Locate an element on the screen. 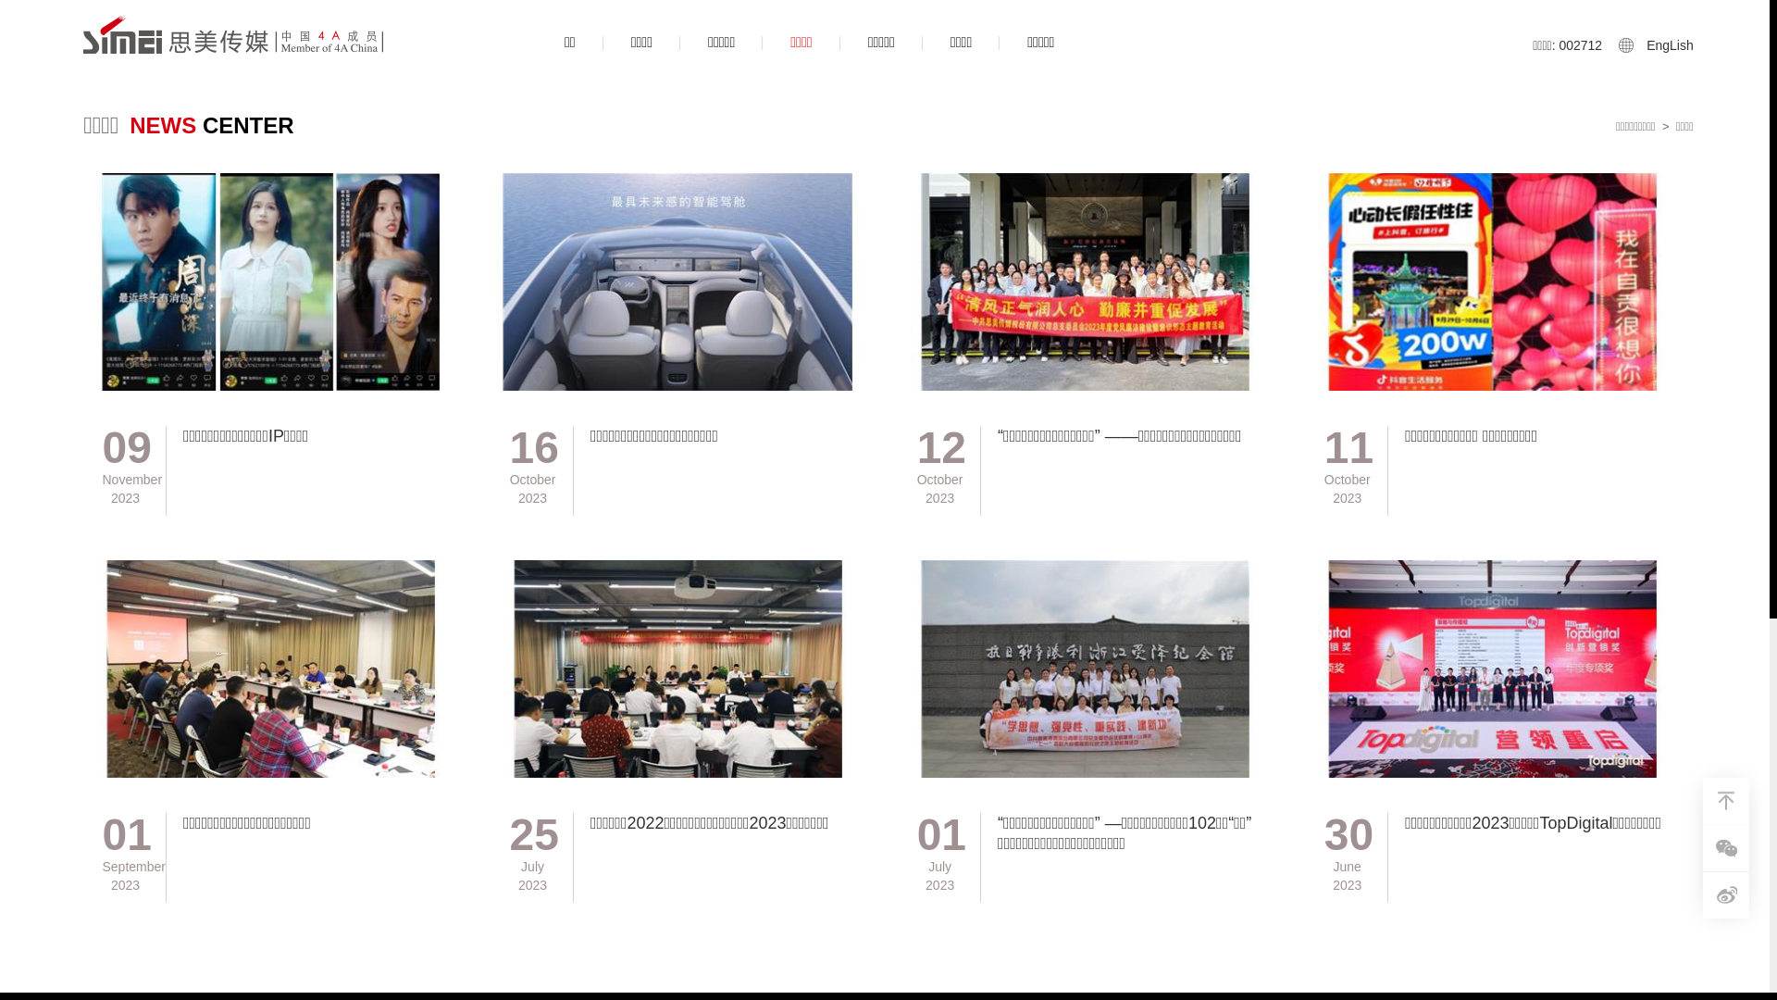  'EngLish' is located at coordinates (1647, 44).